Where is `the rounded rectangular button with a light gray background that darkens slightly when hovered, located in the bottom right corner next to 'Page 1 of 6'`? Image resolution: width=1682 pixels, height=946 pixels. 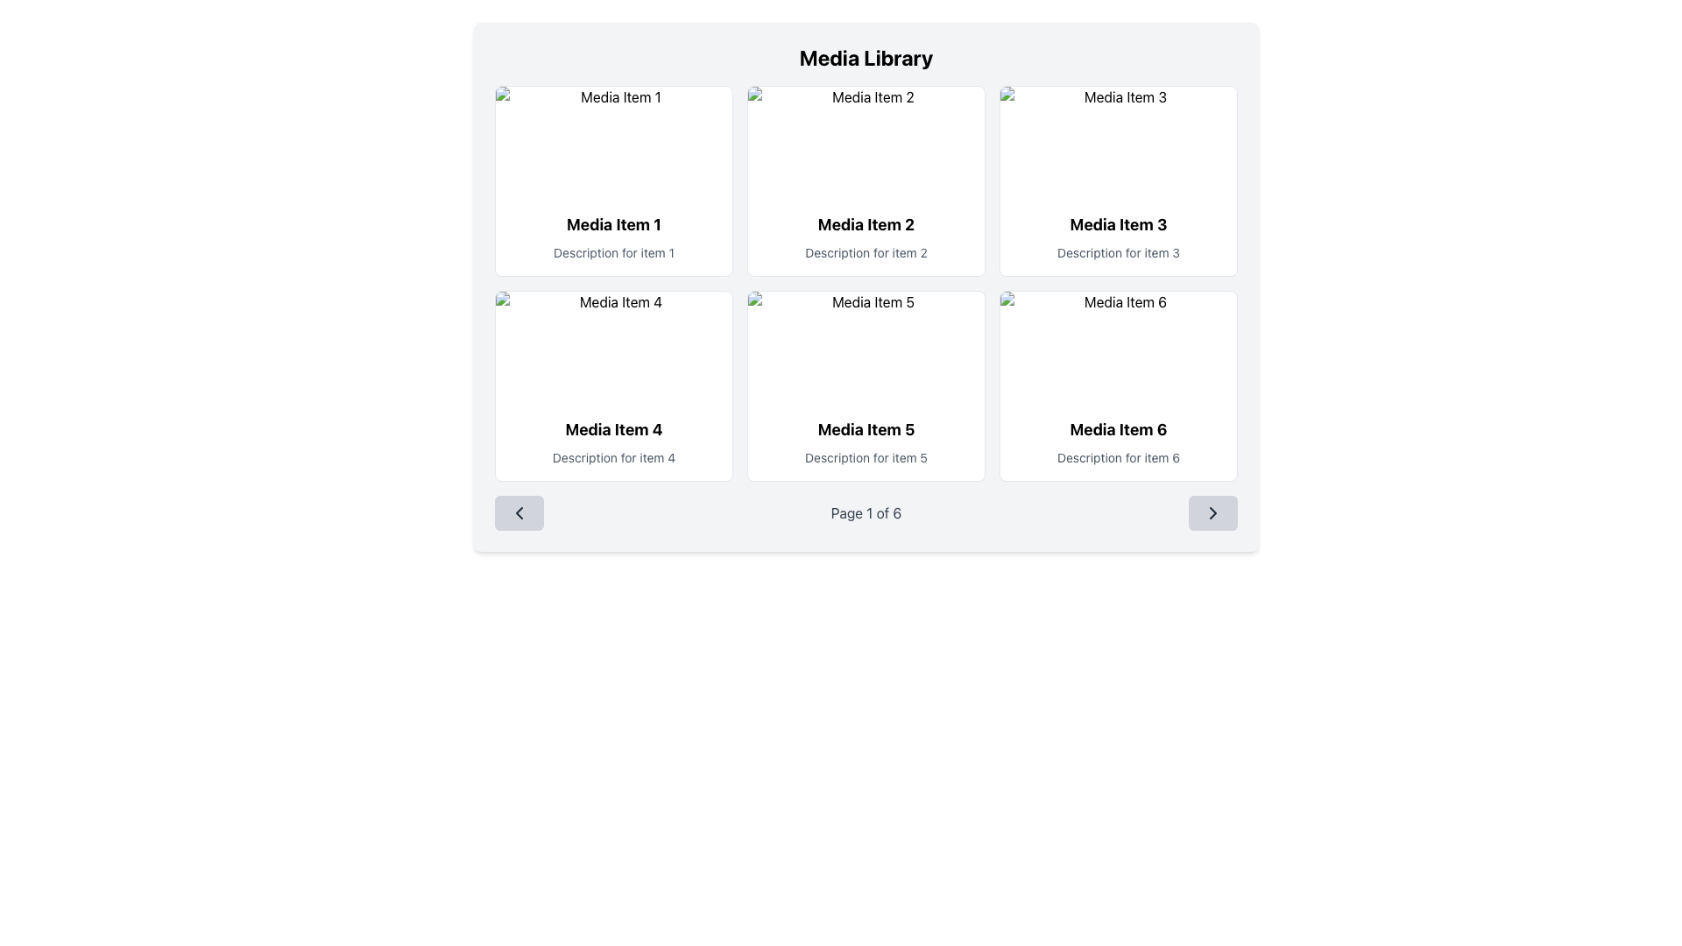 the rounded rectangular button with a light gray background that darkens slightly when hovered, located in the bottom right corner next to 'Page 1 of 6' is located at coordinates (1212, 512).